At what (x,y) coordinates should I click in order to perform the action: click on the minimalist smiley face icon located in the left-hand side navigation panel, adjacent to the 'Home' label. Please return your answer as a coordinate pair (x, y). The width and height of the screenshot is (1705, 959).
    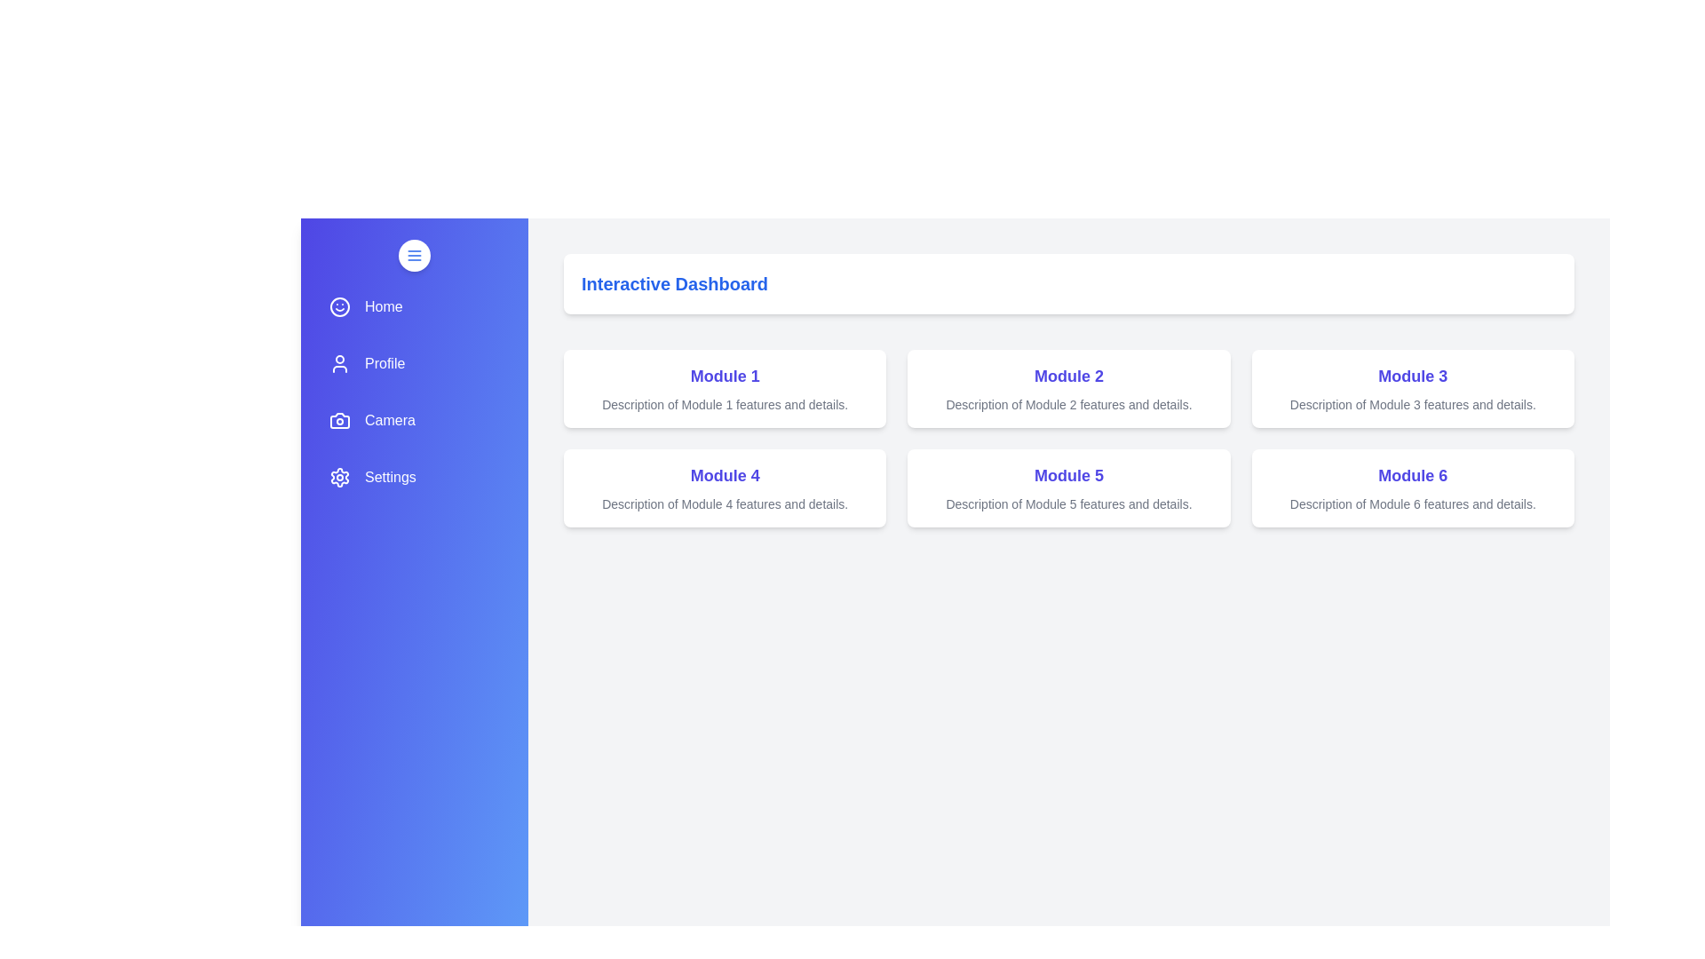
    Looking at the image, I should click on (340, 306).